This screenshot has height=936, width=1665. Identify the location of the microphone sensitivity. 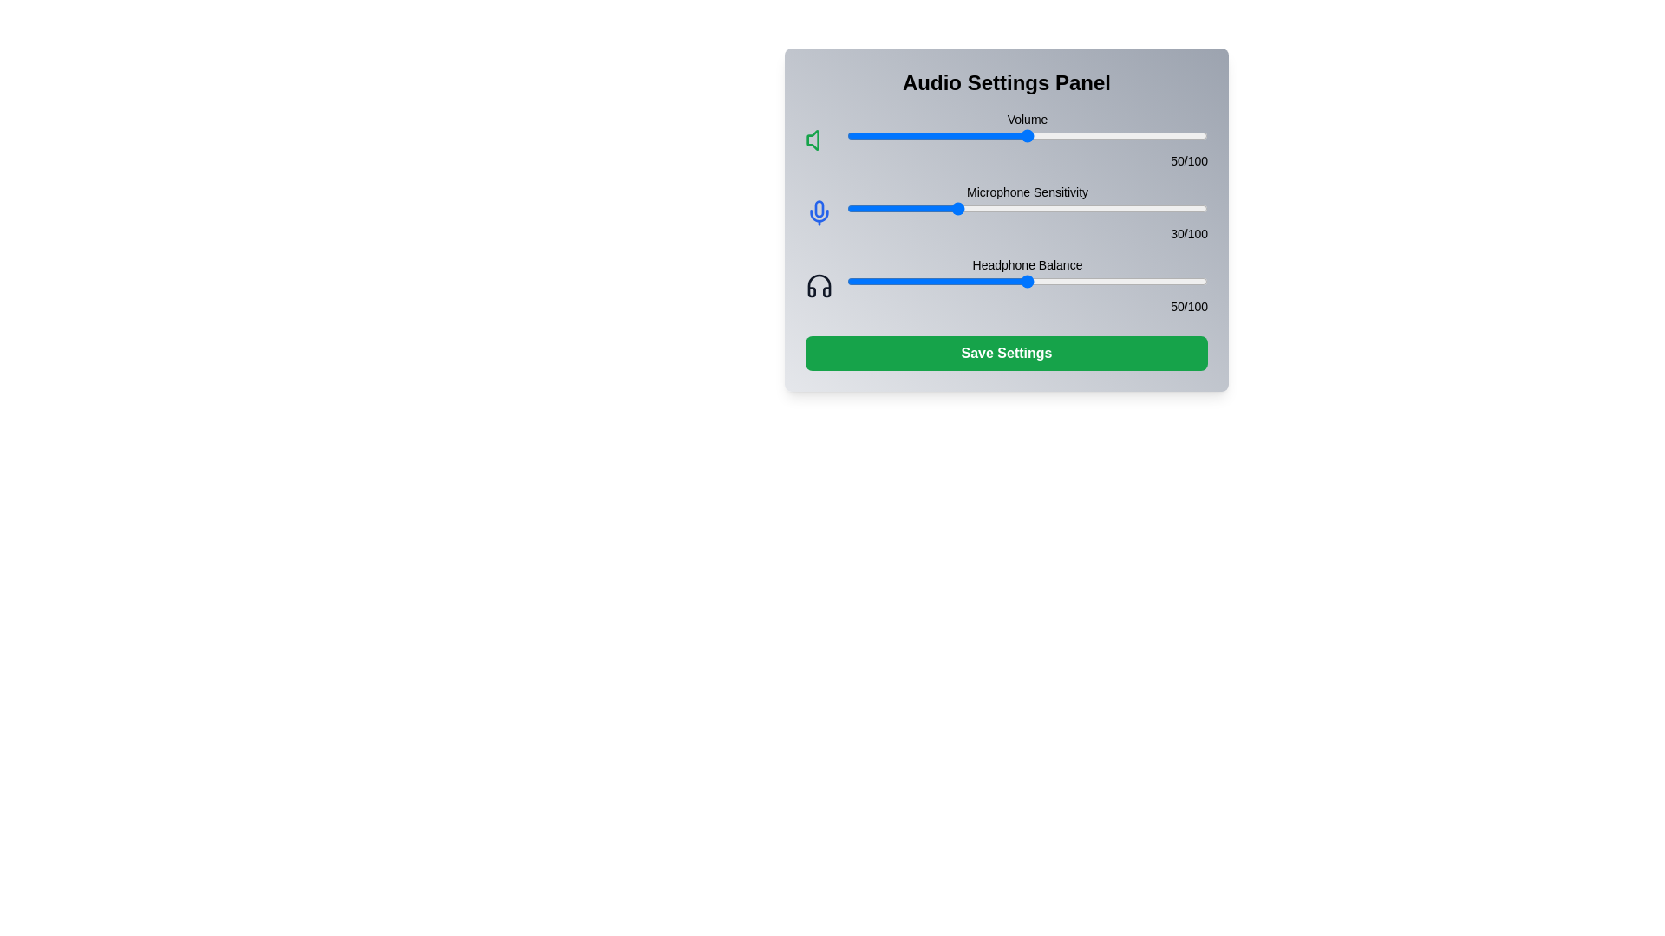
(932, 207).